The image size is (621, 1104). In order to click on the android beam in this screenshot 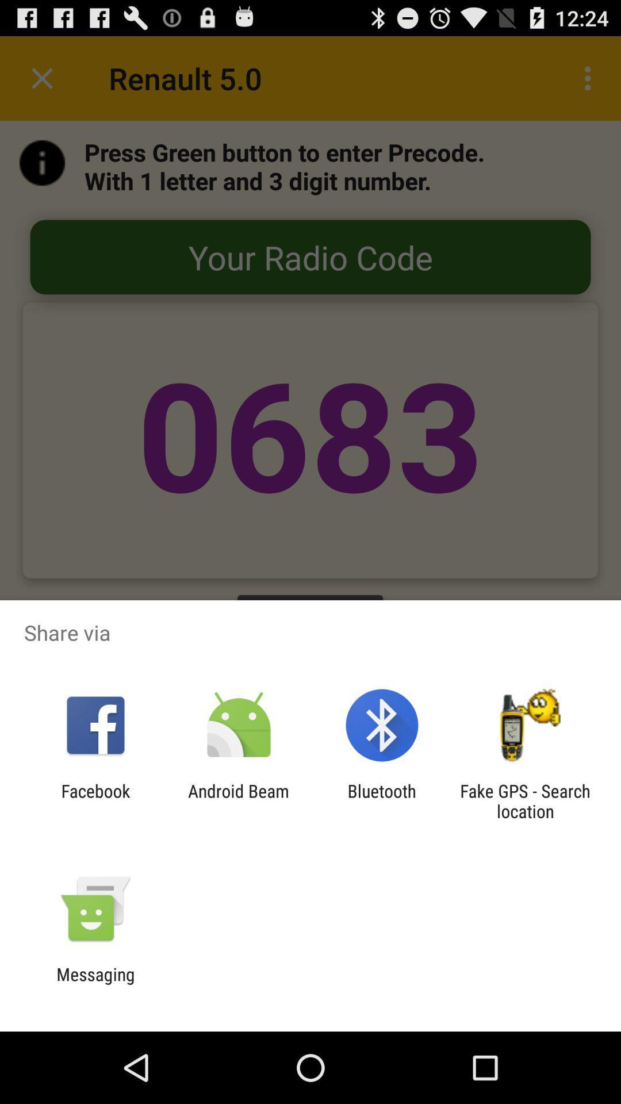, I will do `click(238, 800)`.